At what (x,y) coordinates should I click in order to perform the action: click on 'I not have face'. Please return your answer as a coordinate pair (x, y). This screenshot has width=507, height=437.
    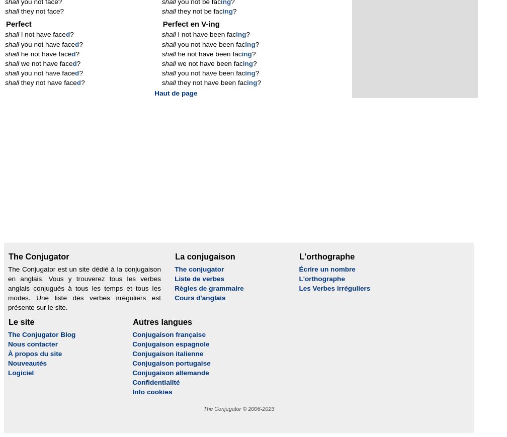
    Looking at the image, I should click on (18, 34).